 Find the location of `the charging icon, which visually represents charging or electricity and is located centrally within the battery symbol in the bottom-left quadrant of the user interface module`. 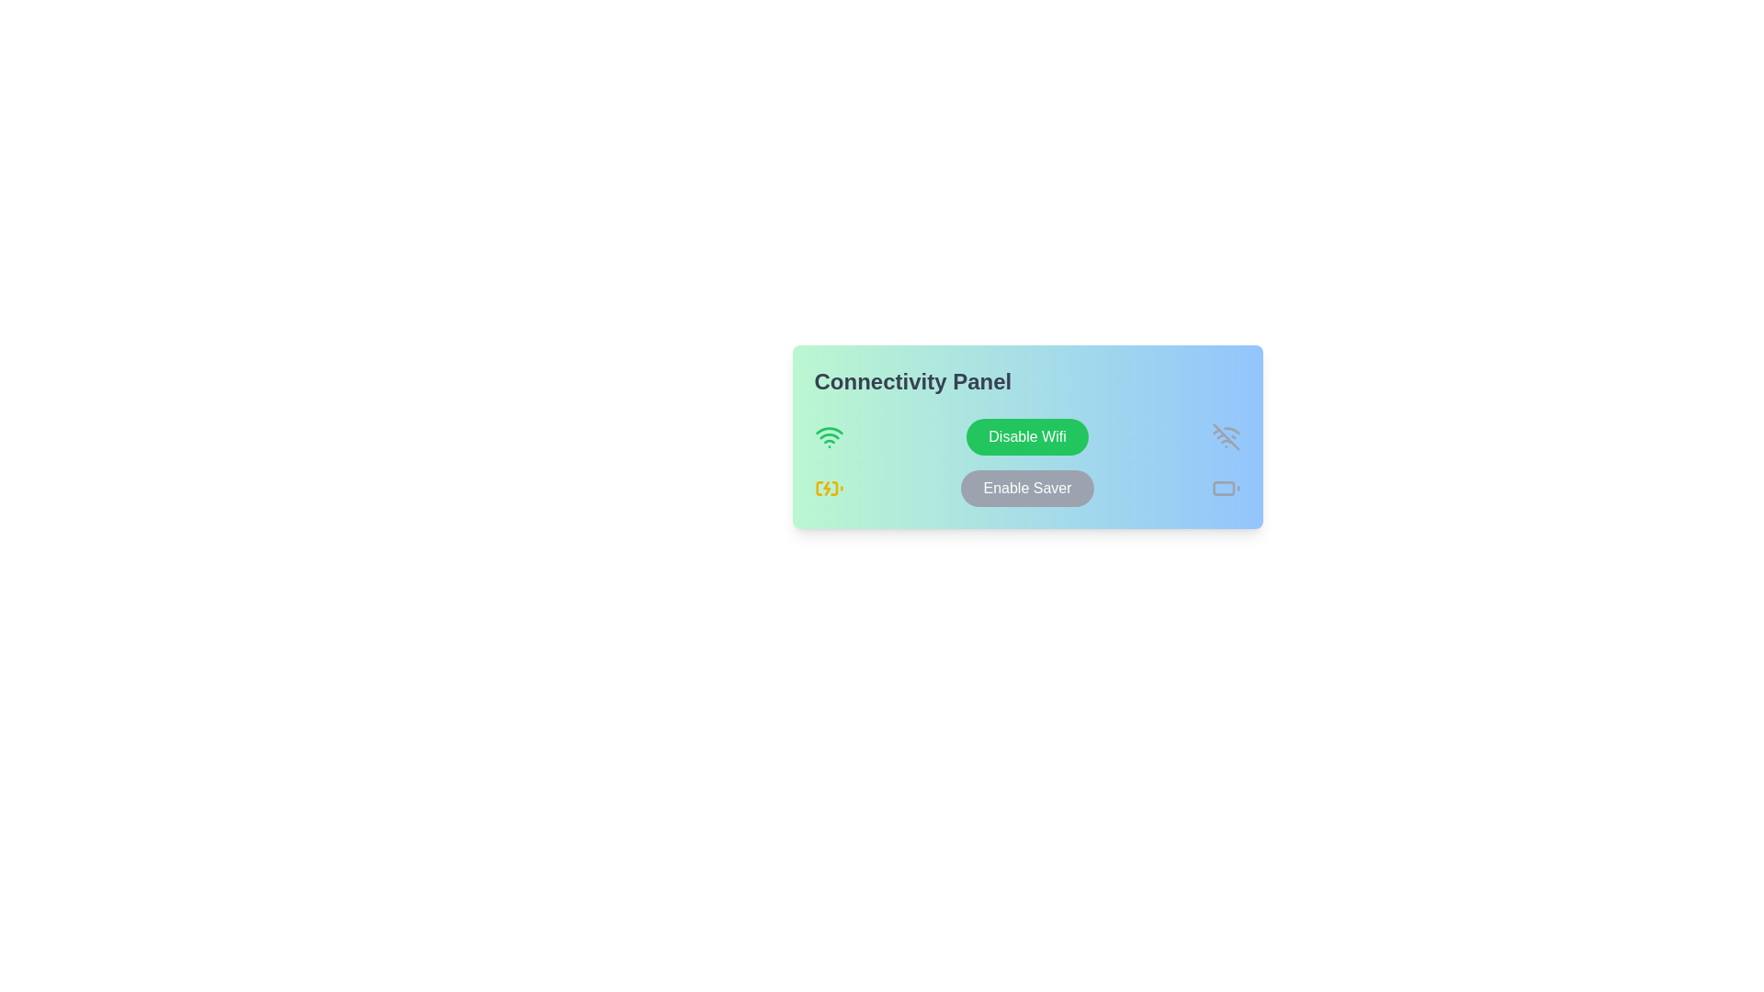

the charging icon, which visually represents charging or electricity and is located centrally within the battery symbol in the bottom-left quadrant of the user interface module is located at coordinates (825, 488).